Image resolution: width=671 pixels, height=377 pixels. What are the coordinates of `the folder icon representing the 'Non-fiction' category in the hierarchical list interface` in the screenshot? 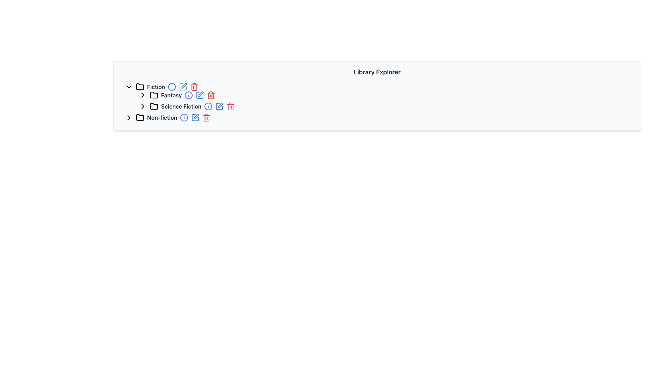 It's located at (140, 117).